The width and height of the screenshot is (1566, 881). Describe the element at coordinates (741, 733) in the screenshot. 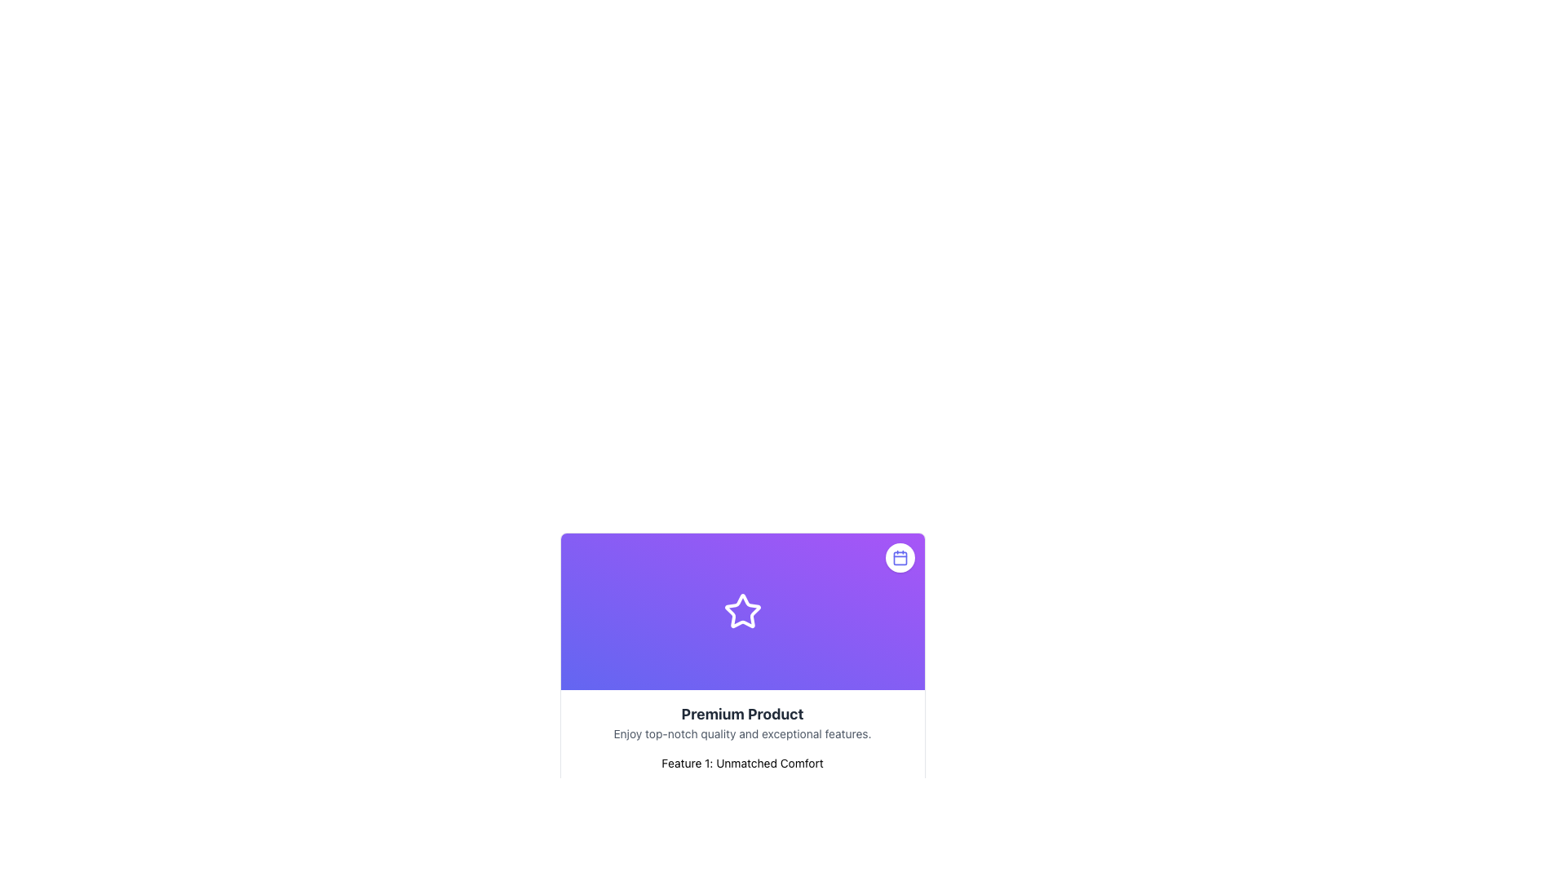

I see `the descriptive text element positioned below 'Premium Product' and above 'Feature 1: Unmatched Comfort'` at that location.